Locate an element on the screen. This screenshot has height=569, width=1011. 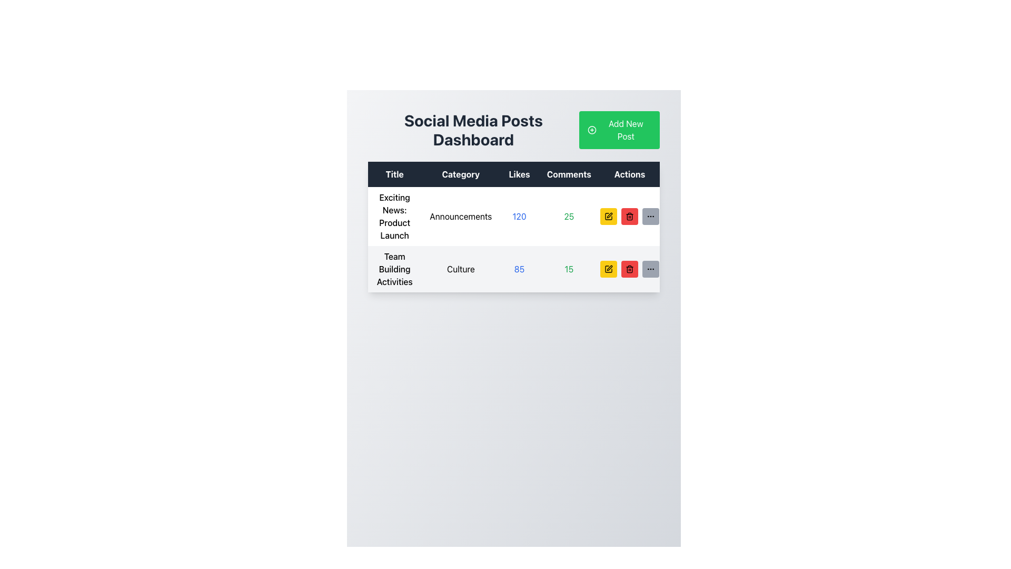
contents of the first row in the table displaying 'Exciting News: Product Launch Announcements 12025' is located at coordinates (513, 216).